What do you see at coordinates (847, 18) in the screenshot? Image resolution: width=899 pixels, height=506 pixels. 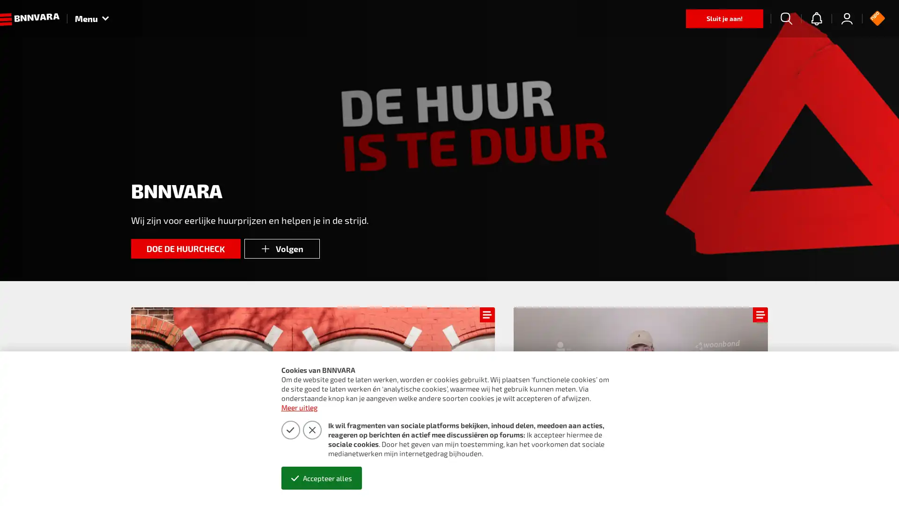 I see `account` at bounding box center [847, 18].